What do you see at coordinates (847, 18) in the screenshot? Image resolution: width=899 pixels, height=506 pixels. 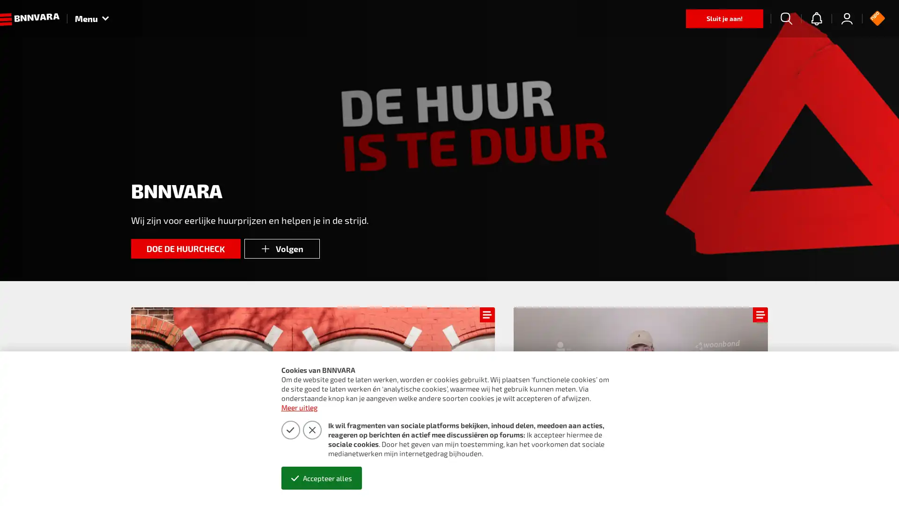 I see `account` at bounding box center [847, 18].